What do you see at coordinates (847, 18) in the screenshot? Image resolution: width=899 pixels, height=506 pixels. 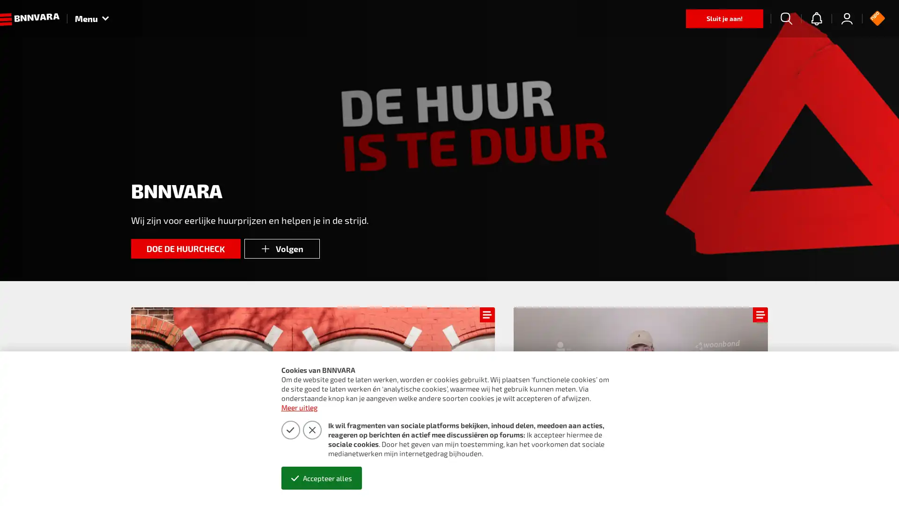 I see `account` at bounding box center [847, 18].